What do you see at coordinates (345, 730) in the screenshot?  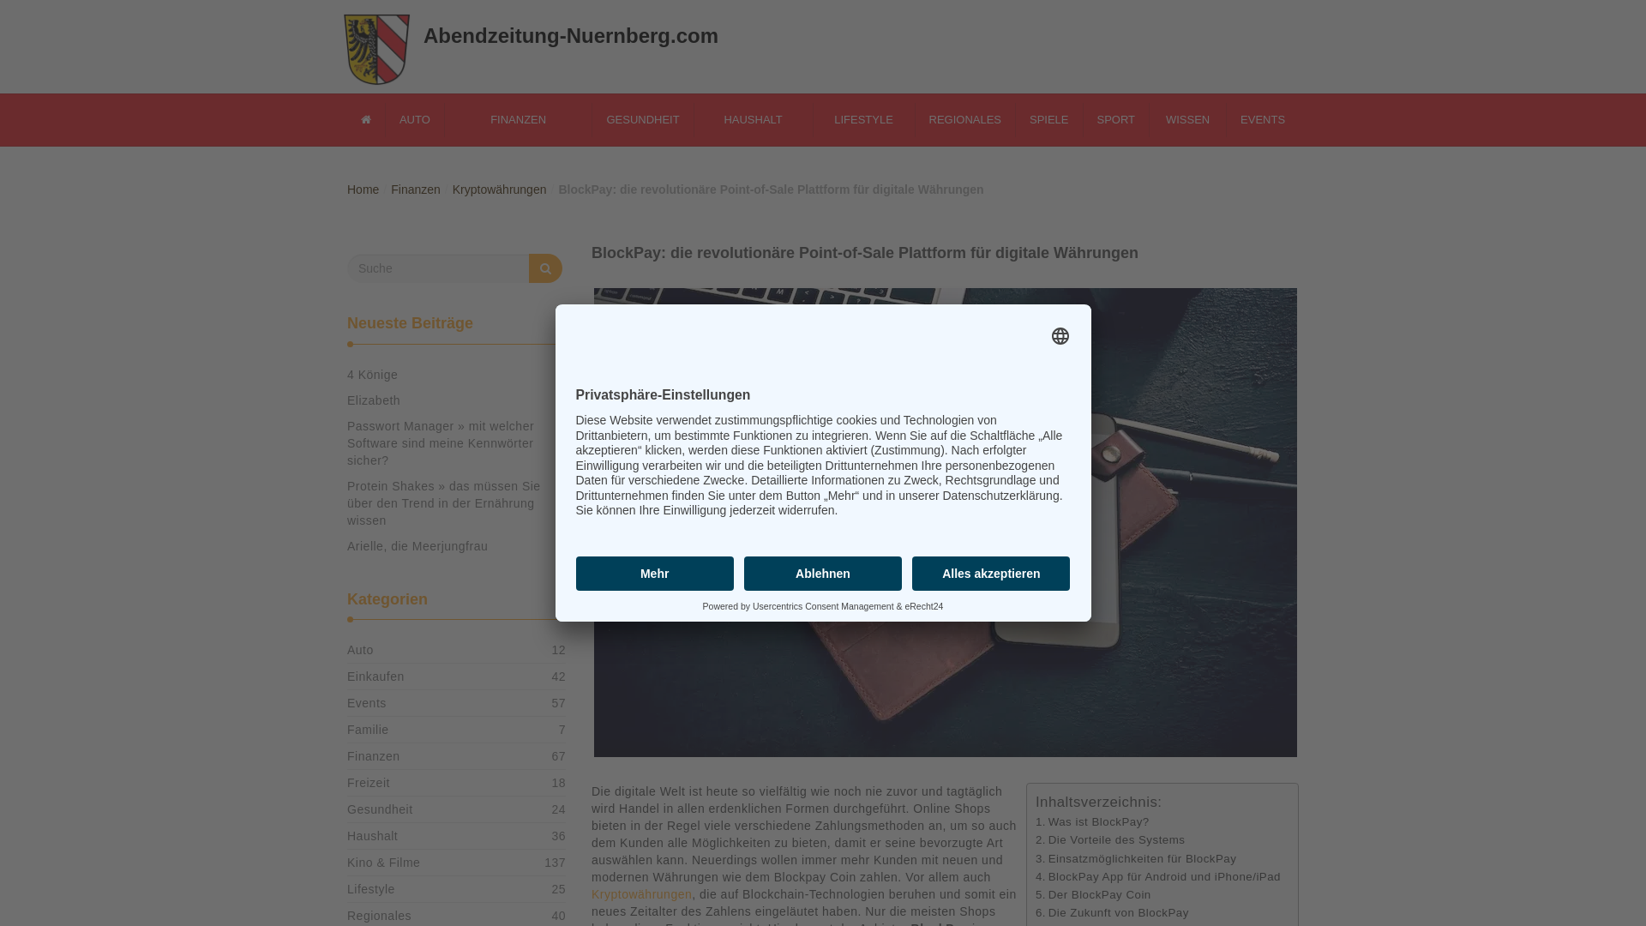 I see `'Familie` at bounding box center [345, 730].